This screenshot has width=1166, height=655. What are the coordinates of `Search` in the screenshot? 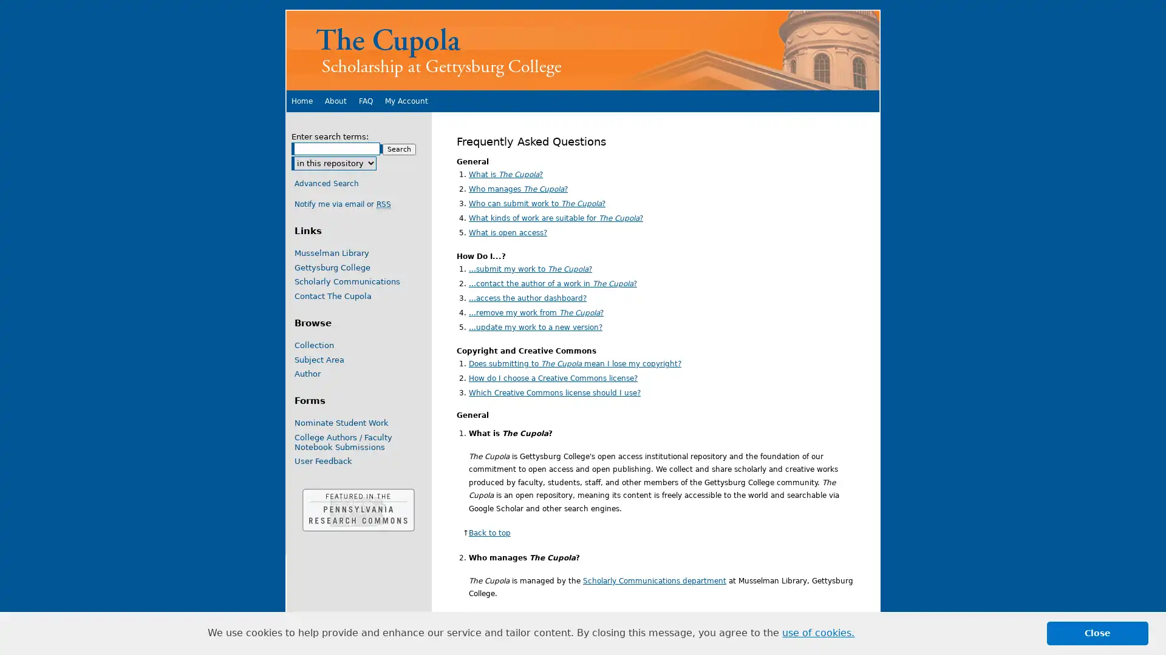 It's located at (399, 149).